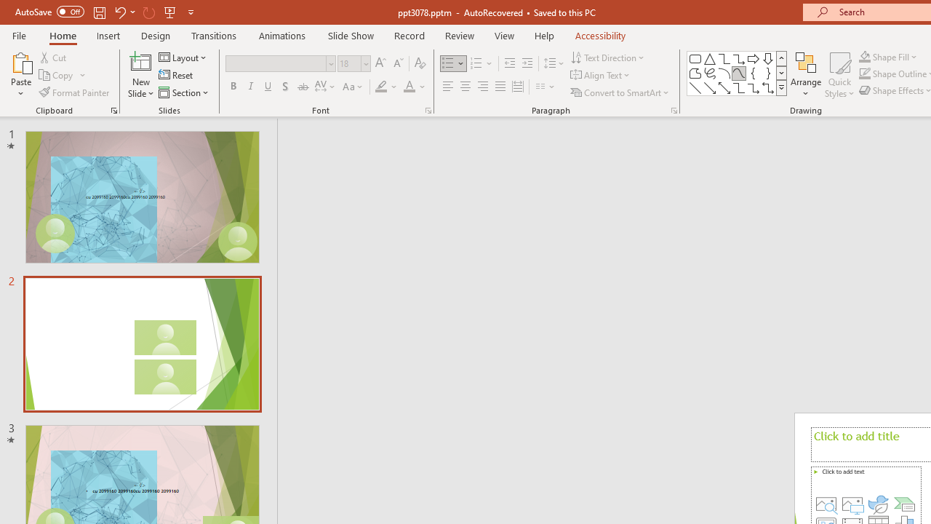 Image resolution: width=931 pixels, height=524 pixels. What do you see at coordinates (865, 56) in the screenshot?
I see `'Shape Fill Dark Green, Accent 2'` at bounding box center [865, 56].